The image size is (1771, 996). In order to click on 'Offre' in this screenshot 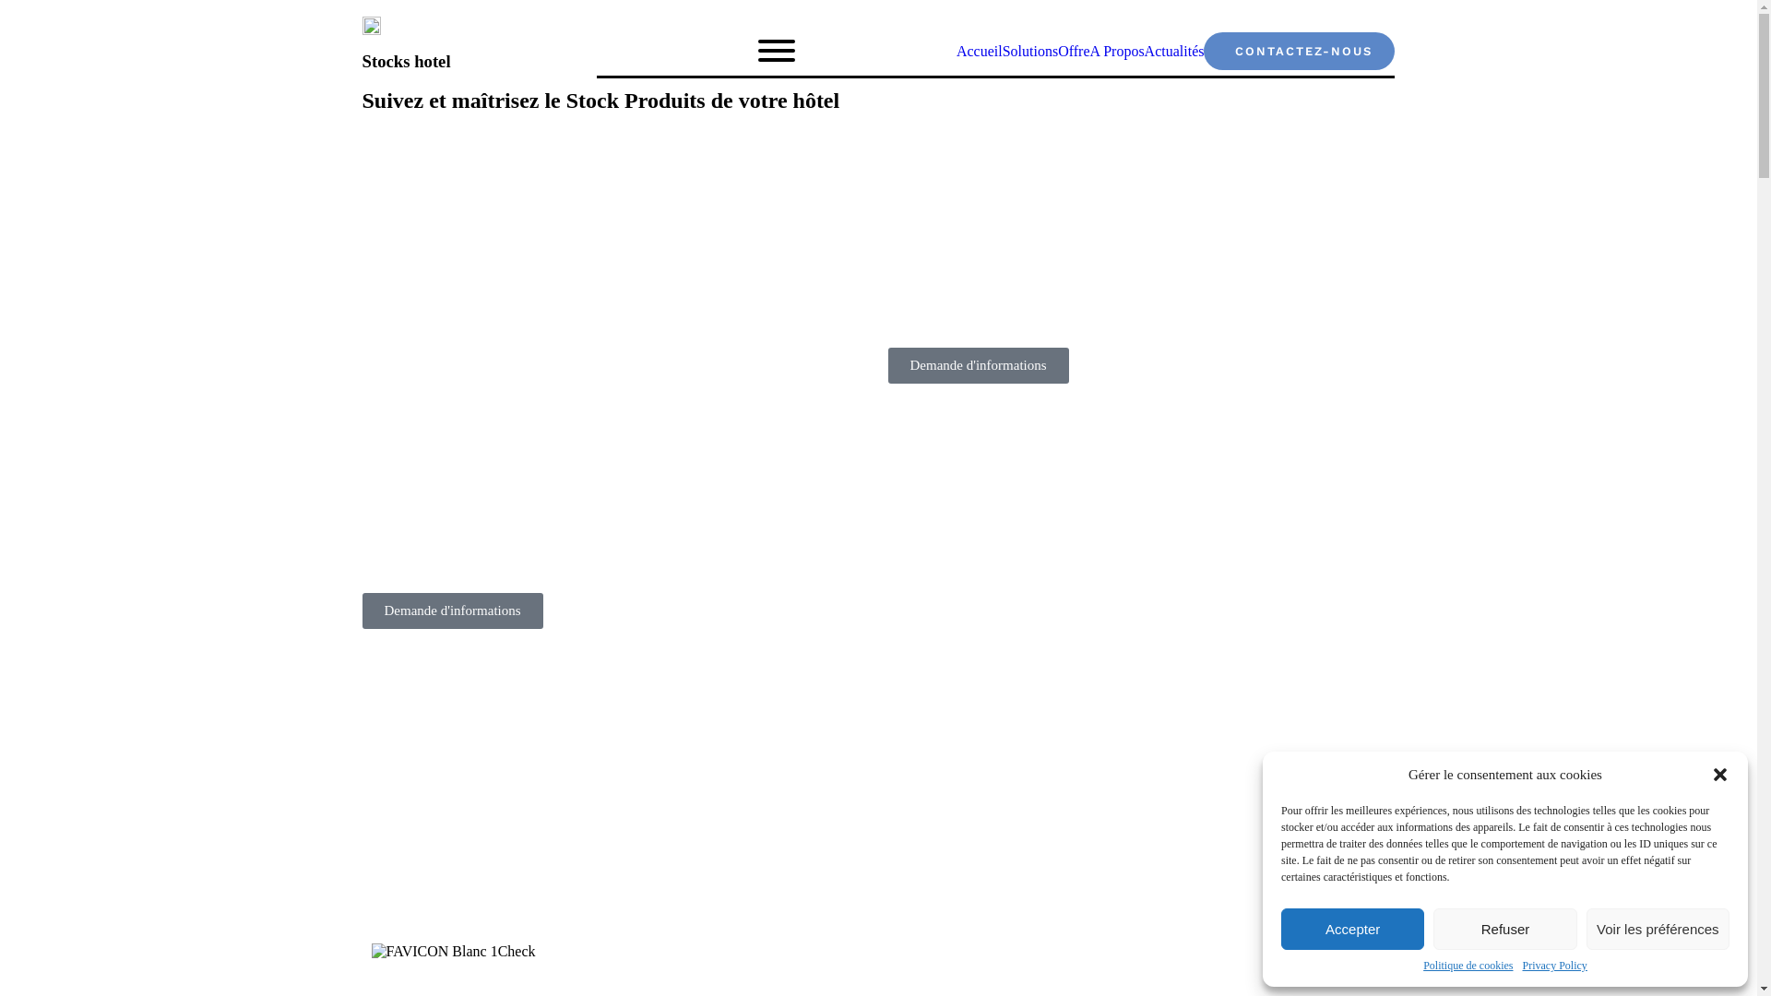, I will do `click(1073, 50)`.